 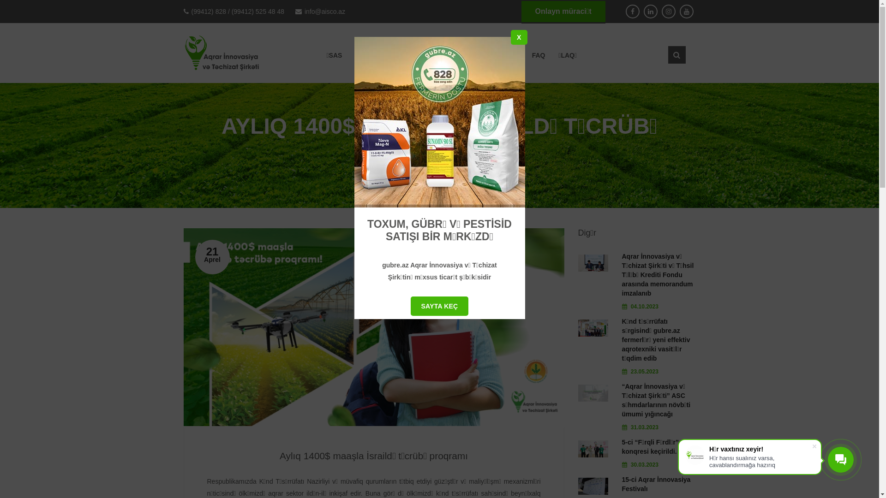 I want to click on 'FAQ', so click(x=539, y=55).